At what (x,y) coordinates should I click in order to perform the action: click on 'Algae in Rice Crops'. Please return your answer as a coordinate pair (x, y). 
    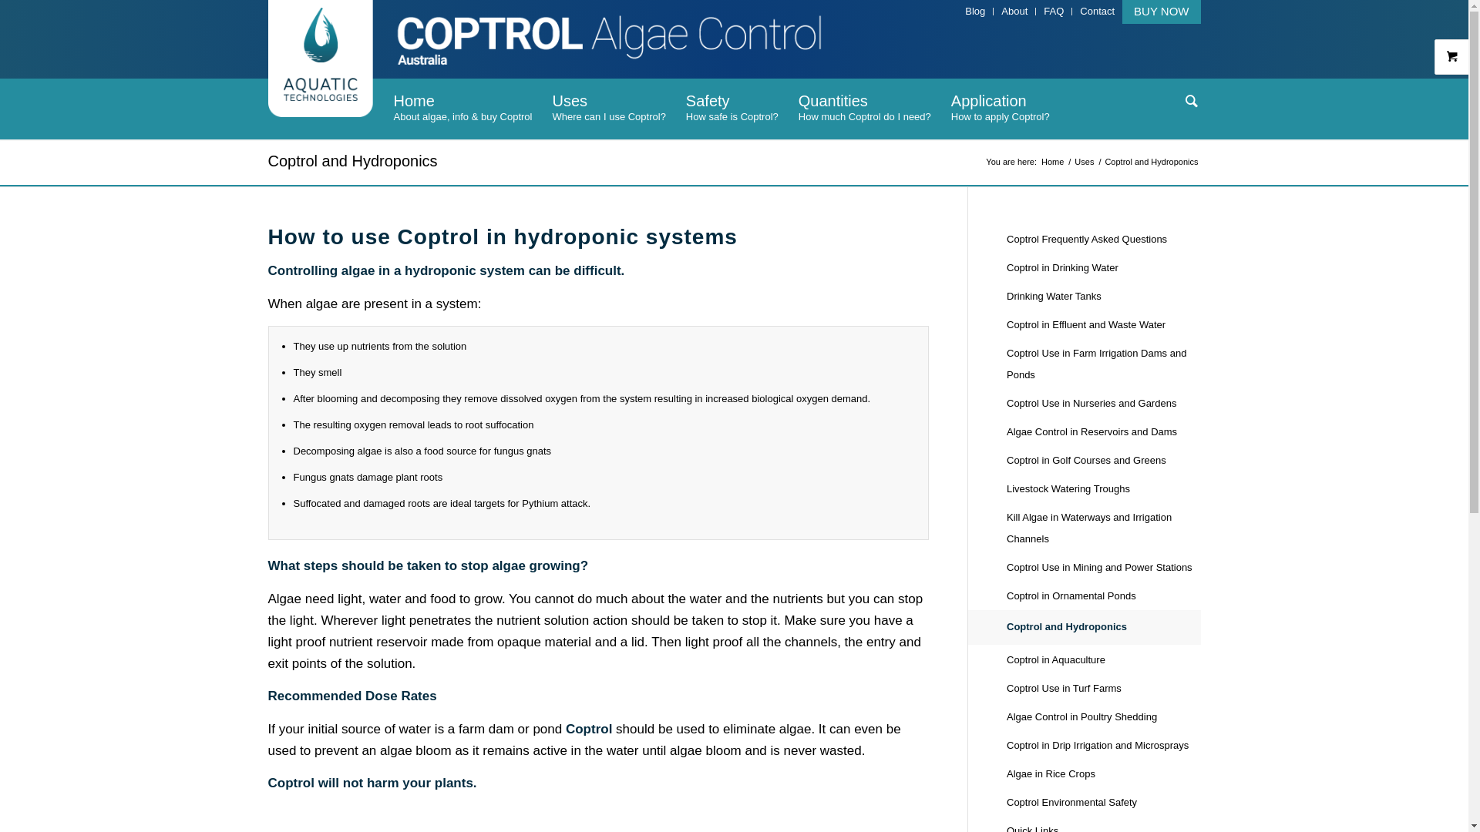
    Looking at the image, I should click on (1006, 774).